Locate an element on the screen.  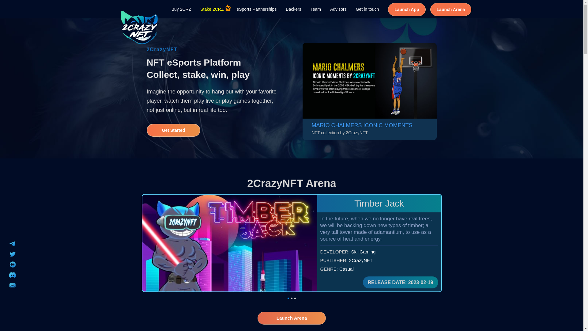
'Buy 2CRZ' is located at coordinates (167, 9).